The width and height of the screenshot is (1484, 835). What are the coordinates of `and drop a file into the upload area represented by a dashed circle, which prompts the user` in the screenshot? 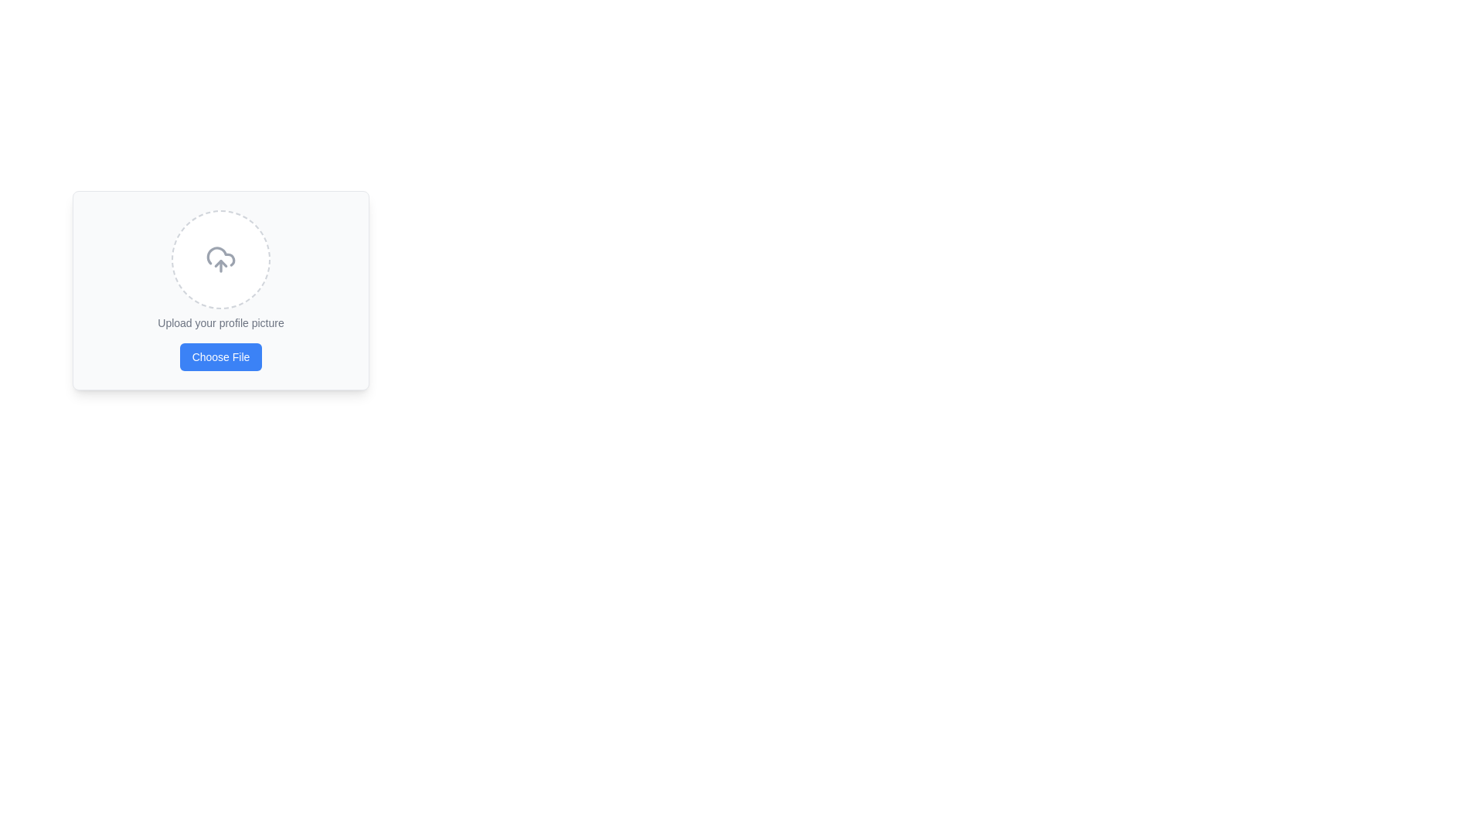 It's located at (220, 270).